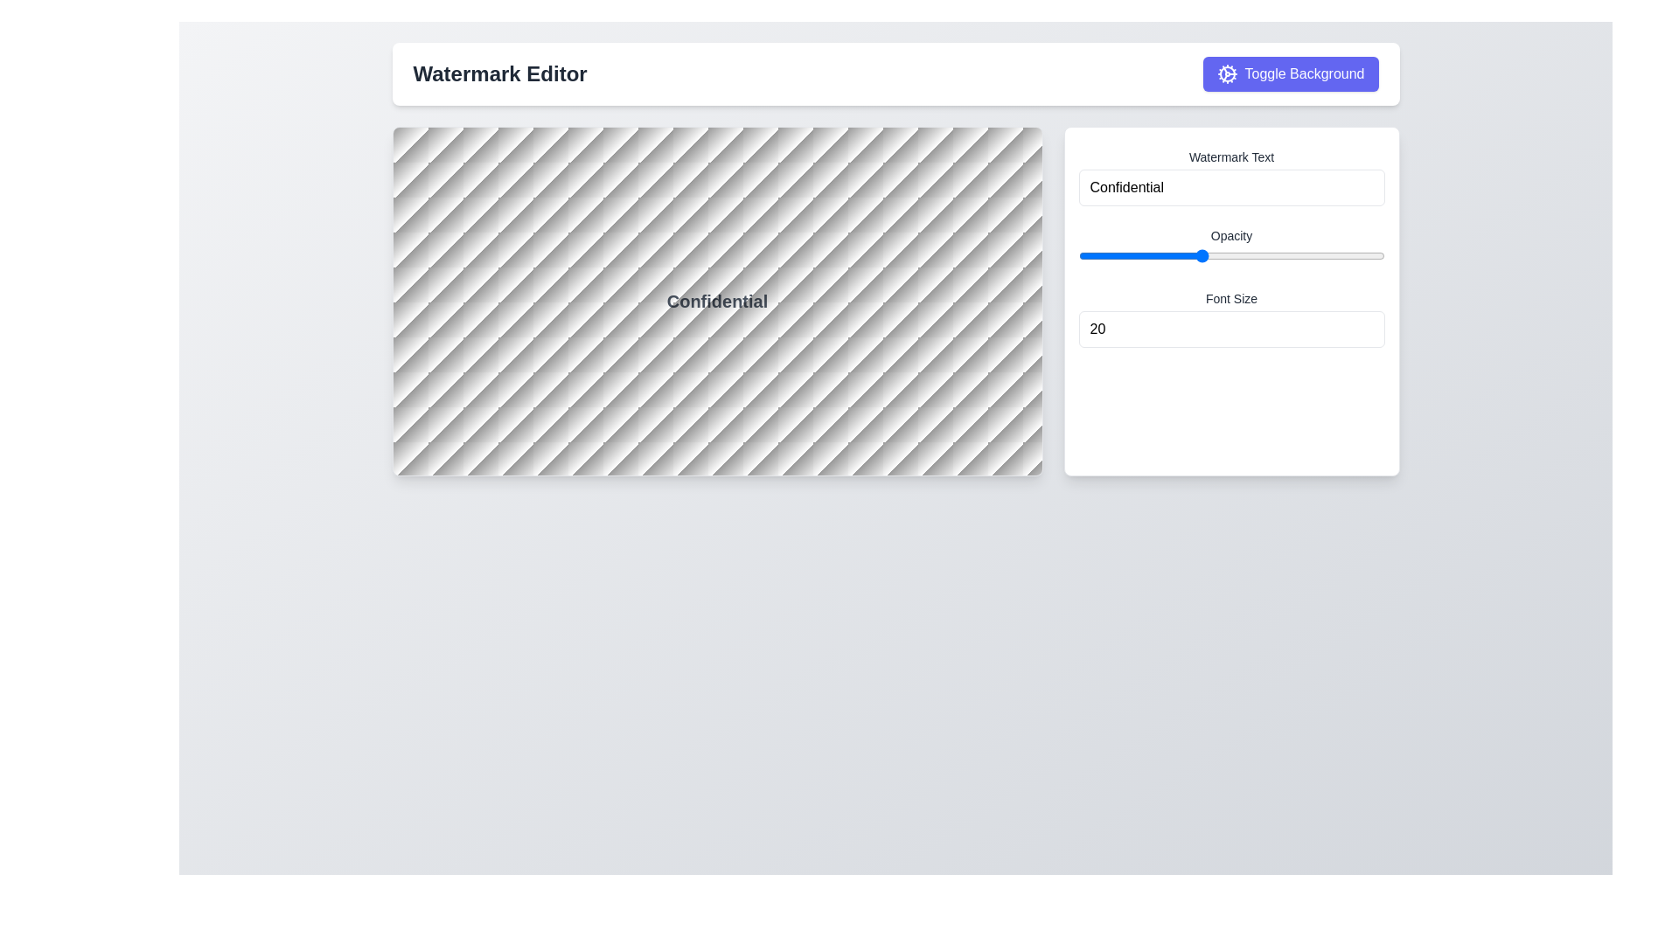 Image resolution: width=1679 pixels, height=944 pixels. Describe the element at coordinates (499, 73) in the screenshot. I see `the 'Watermark Editor' text header, which is a large, bold, dark gray title located at the top center of the interface` at that location.